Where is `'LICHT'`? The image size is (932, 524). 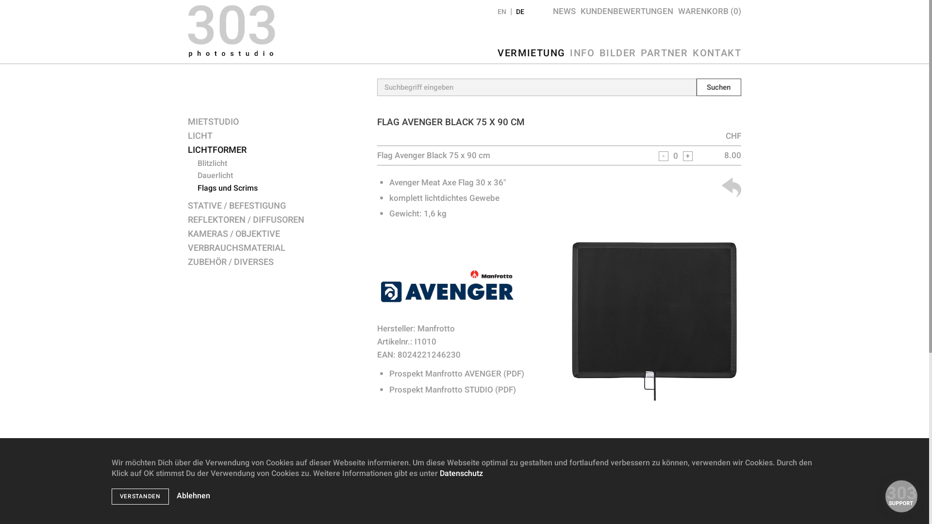 'LICHT' is located at coordinates (188, 136).